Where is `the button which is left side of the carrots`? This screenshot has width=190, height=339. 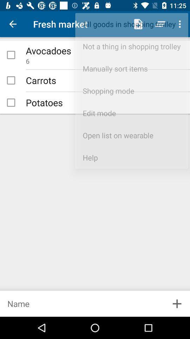 the button which is left side of the carrots is located at coordinates (11, 81).